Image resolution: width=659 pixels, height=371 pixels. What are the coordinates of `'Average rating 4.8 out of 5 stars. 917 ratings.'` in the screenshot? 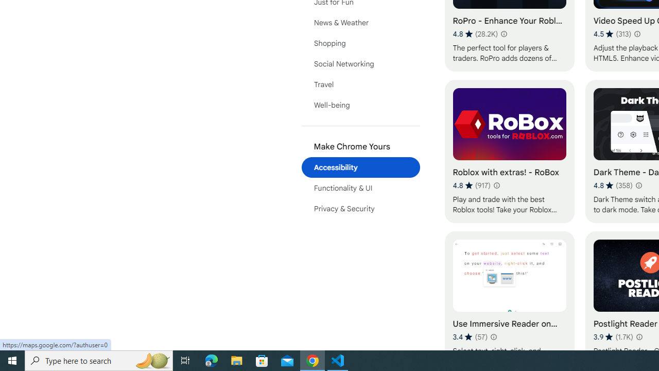 It's located at (471, 185).